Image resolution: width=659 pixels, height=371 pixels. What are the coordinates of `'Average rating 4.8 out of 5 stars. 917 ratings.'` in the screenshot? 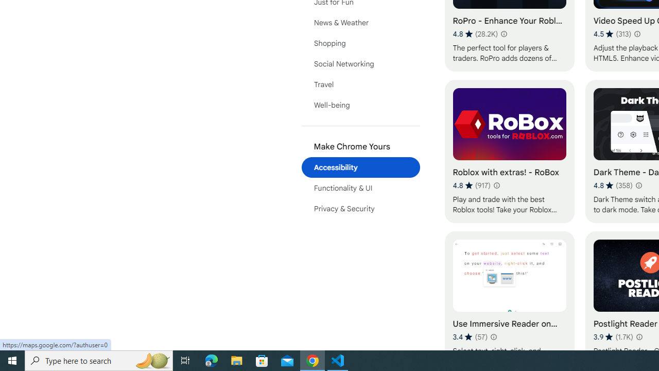 It's located at (471, 185).